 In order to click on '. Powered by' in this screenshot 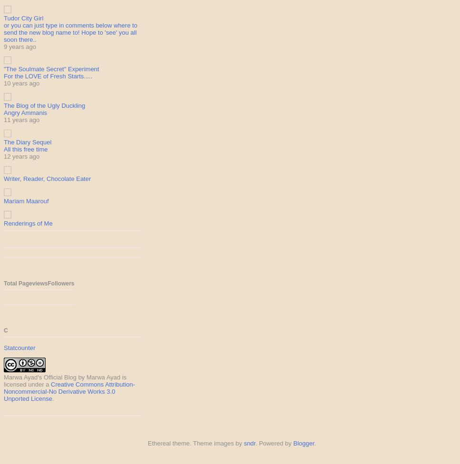, I will do `click(274, 443)`.